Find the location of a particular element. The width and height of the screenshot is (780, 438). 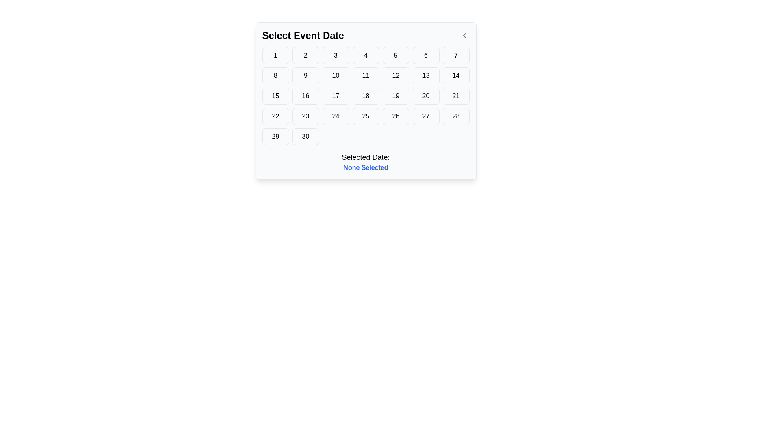

the button labeled '16' in the date selection calendar interface is located at coordinates (305, 95).